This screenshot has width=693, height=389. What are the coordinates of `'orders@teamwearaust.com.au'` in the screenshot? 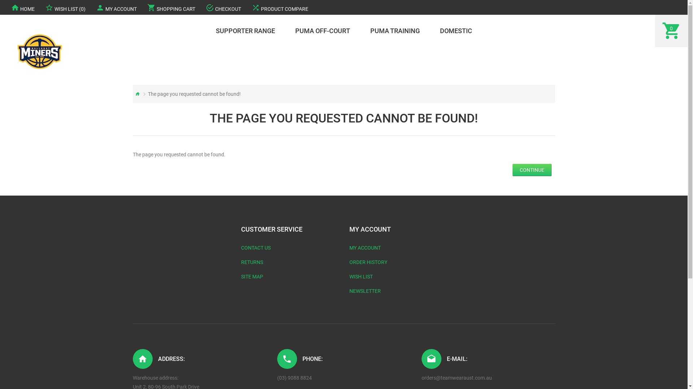 It's located at (456, 377).